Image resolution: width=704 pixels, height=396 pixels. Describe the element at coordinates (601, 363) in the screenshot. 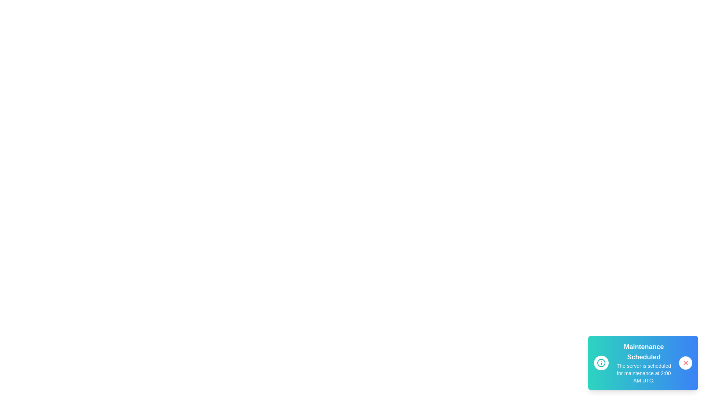

I see `the notification icon to interact with it` at that location.